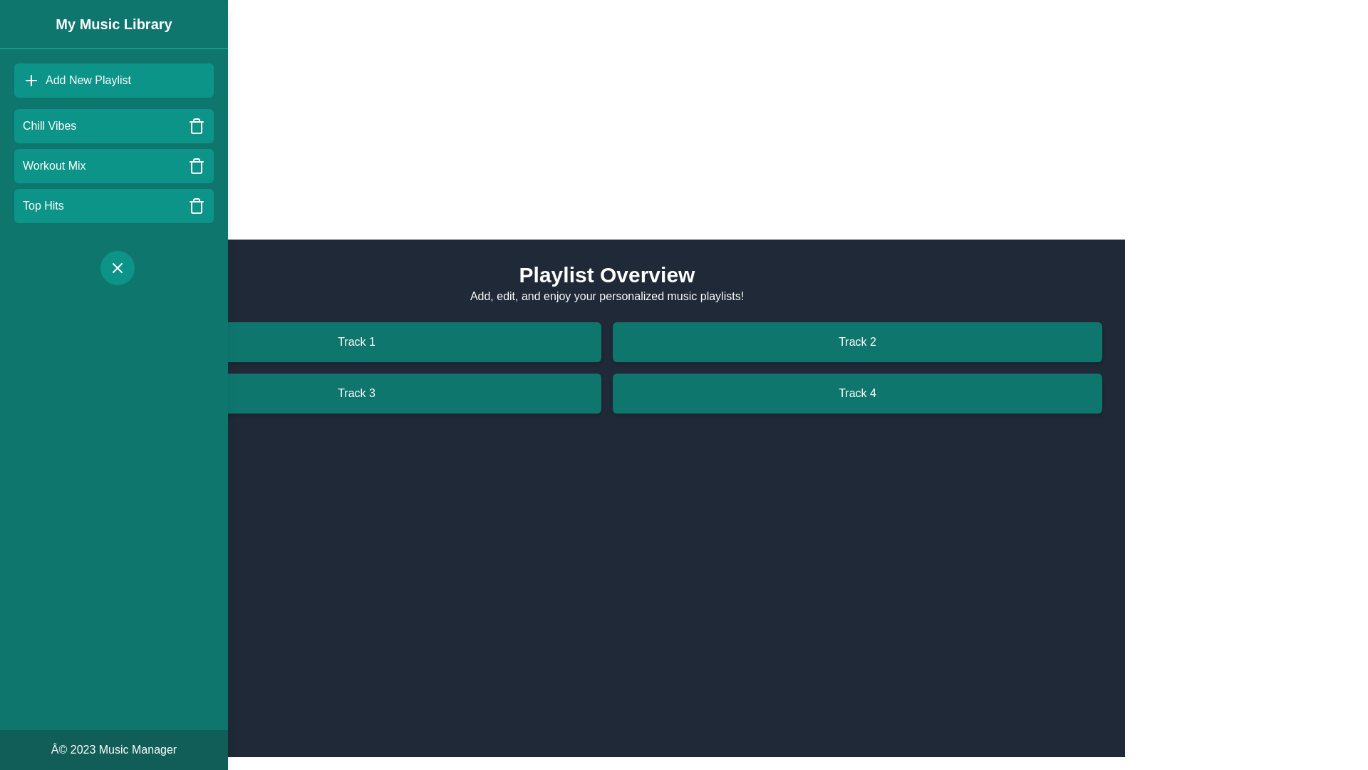  What do you see at coordinates (195, 167) in the screenshot?
I see `the trash can icon within the delete button located in the vertical menu next to the 'Workout Mix' label to initiate the delete action` at bounding box center [195, 167].